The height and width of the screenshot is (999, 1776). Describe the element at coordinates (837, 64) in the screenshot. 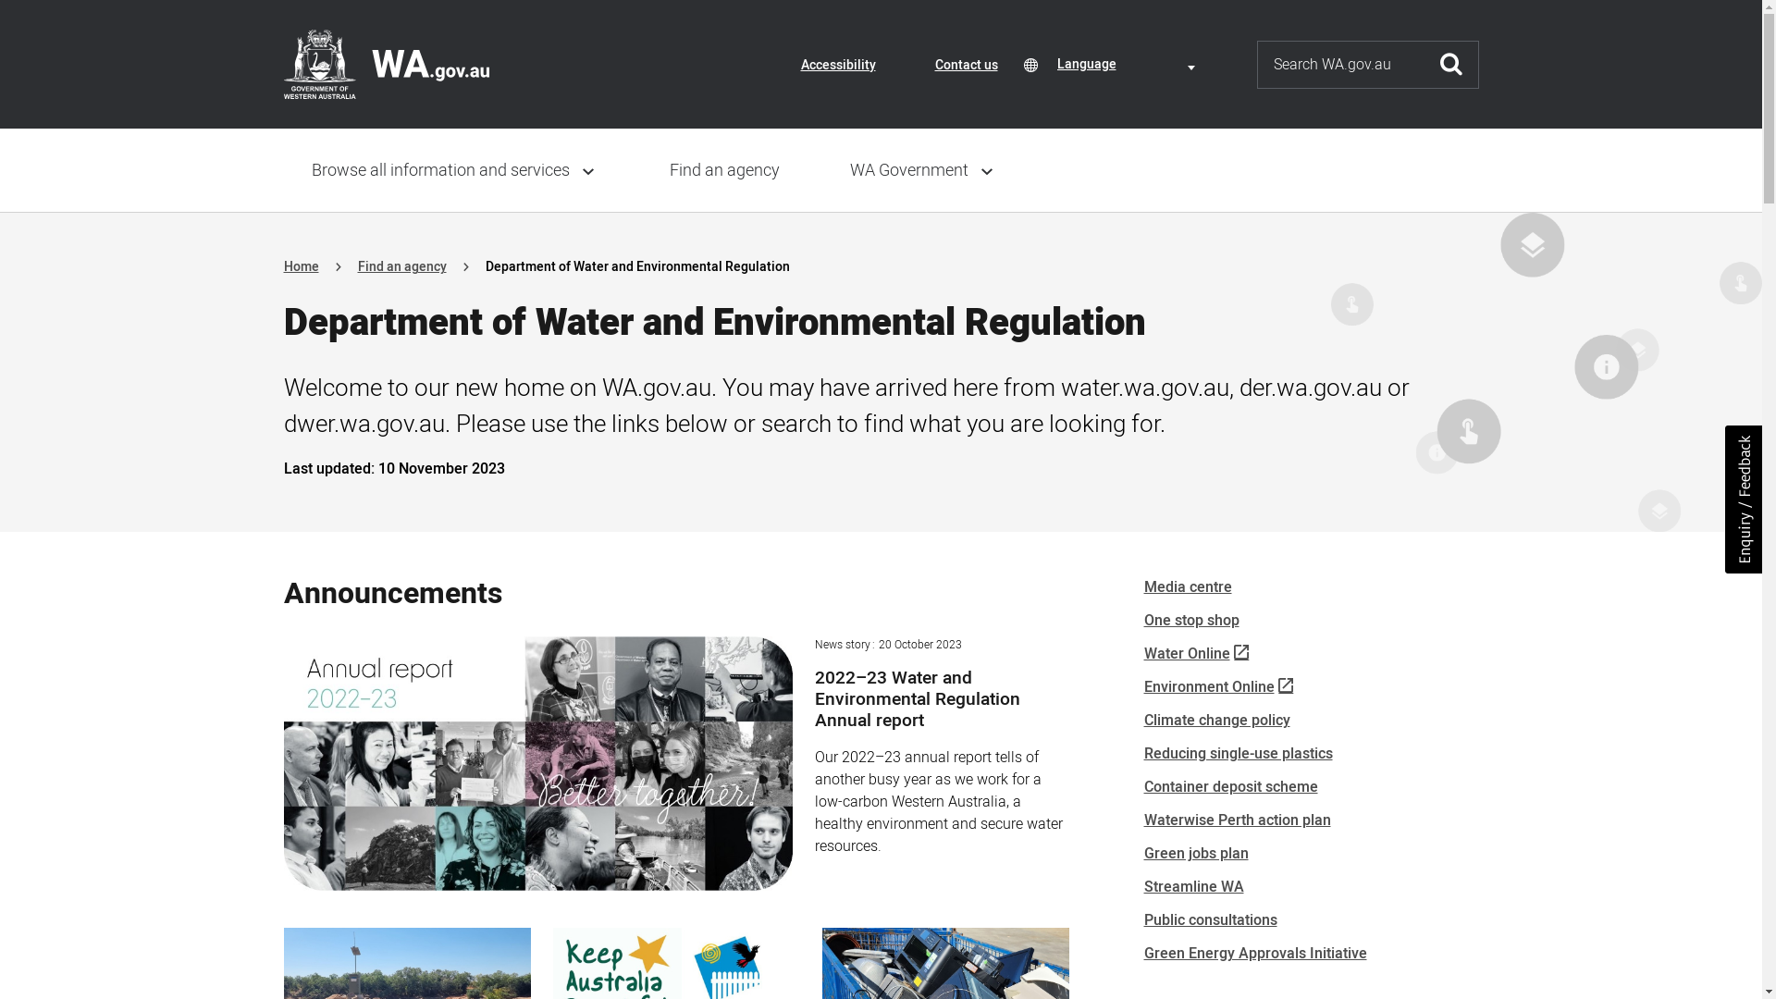

I see `'Accessibility'` at that location.